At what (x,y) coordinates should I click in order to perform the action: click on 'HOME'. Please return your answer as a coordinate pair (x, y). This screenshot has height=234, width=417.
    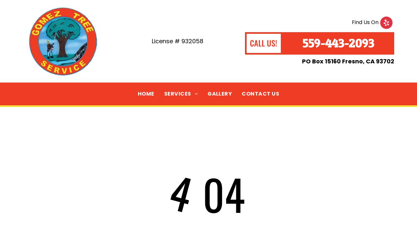
    Looking at the image, I should click on (145, 93).